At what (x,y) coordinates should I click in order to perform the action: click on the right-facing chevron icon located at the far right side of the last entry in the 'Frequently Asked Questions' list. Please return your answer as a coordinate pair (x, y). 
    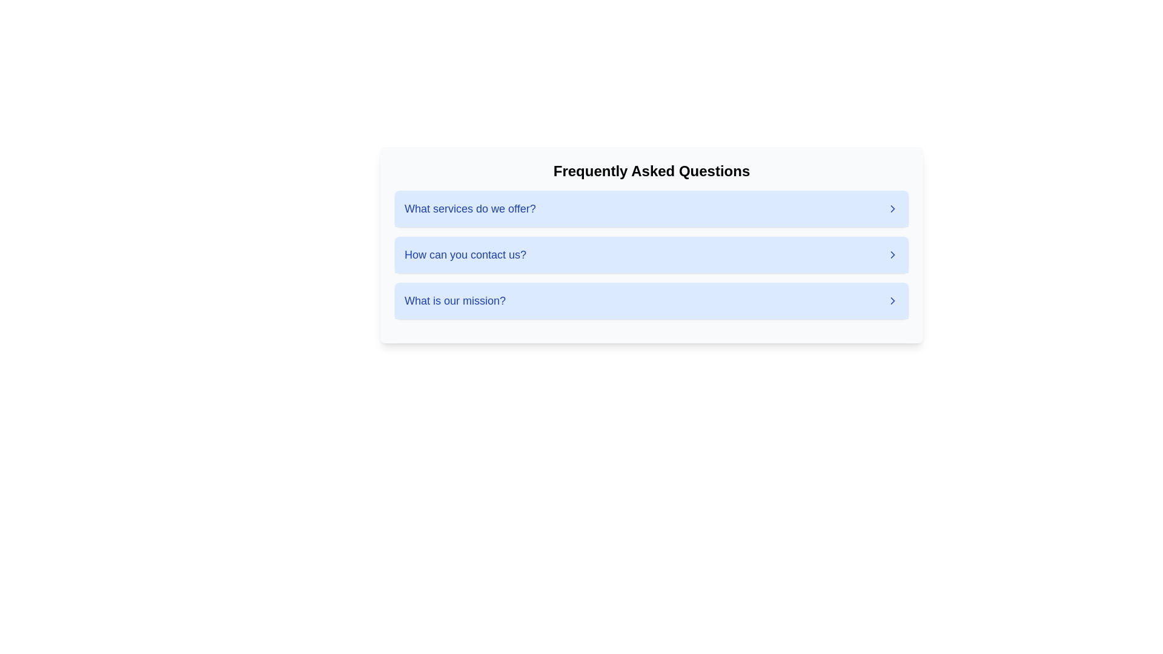
    Looking at the image, I should click on (892, 300).